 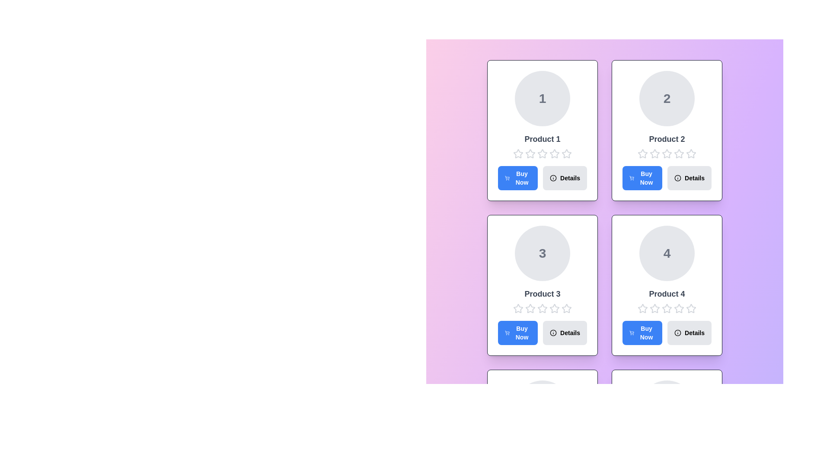 I want to click on the rating for a product to 5 stars, so click(x=566, y=153).